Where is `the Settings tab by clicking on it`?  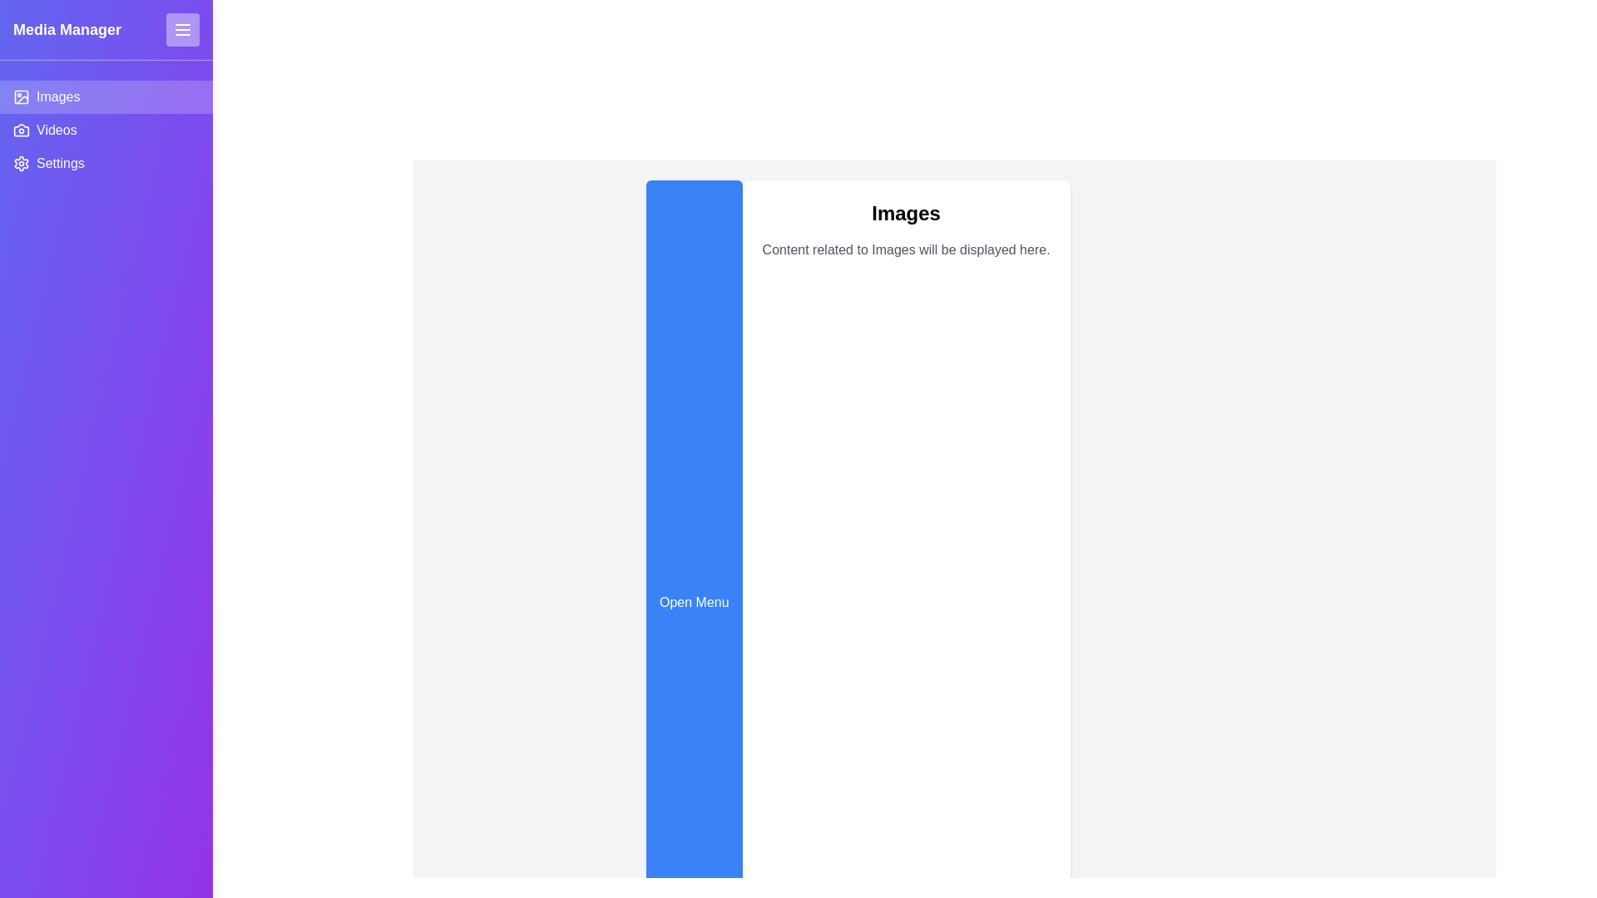 the Settings tab by clicking on it is located at coordinates (106, 163).